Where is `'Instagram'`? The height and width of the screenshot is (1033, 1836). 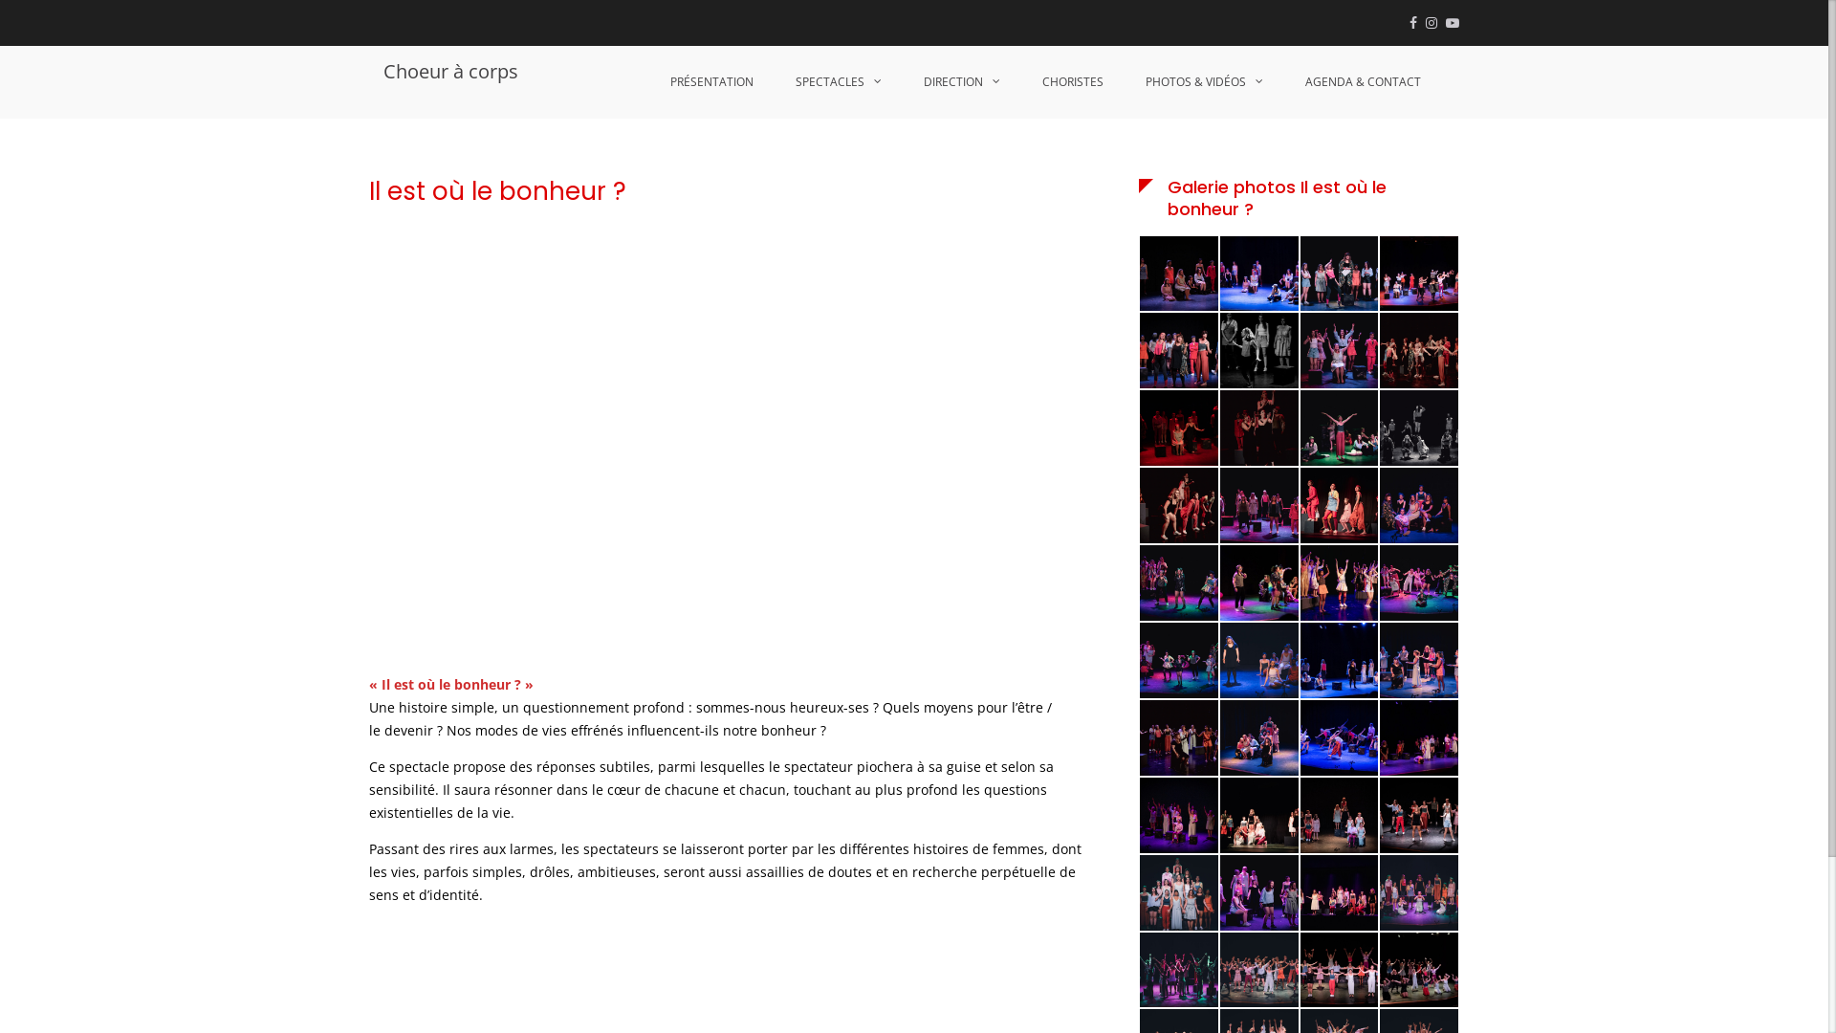 'Instagram' is located at coordinates (1432, 22).